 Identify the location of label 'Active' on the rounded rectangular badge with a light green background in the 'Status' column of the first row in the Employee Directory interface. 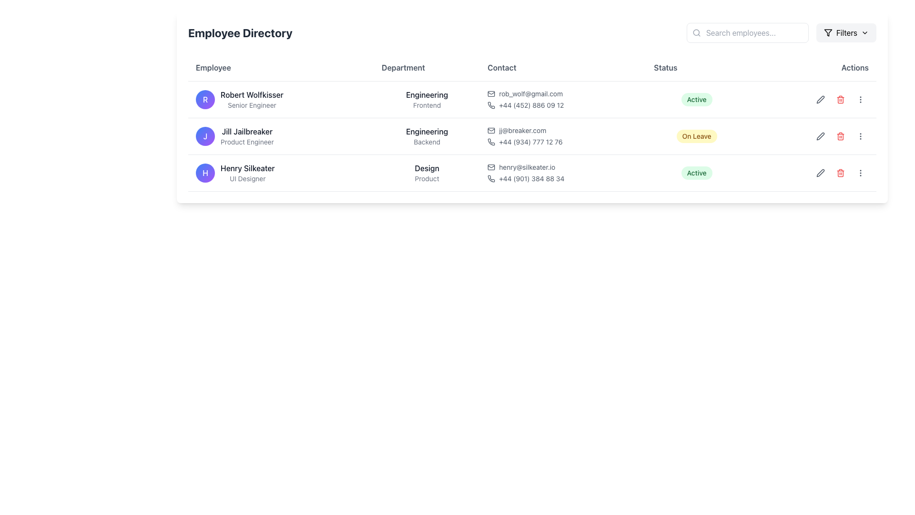
(697, 99).